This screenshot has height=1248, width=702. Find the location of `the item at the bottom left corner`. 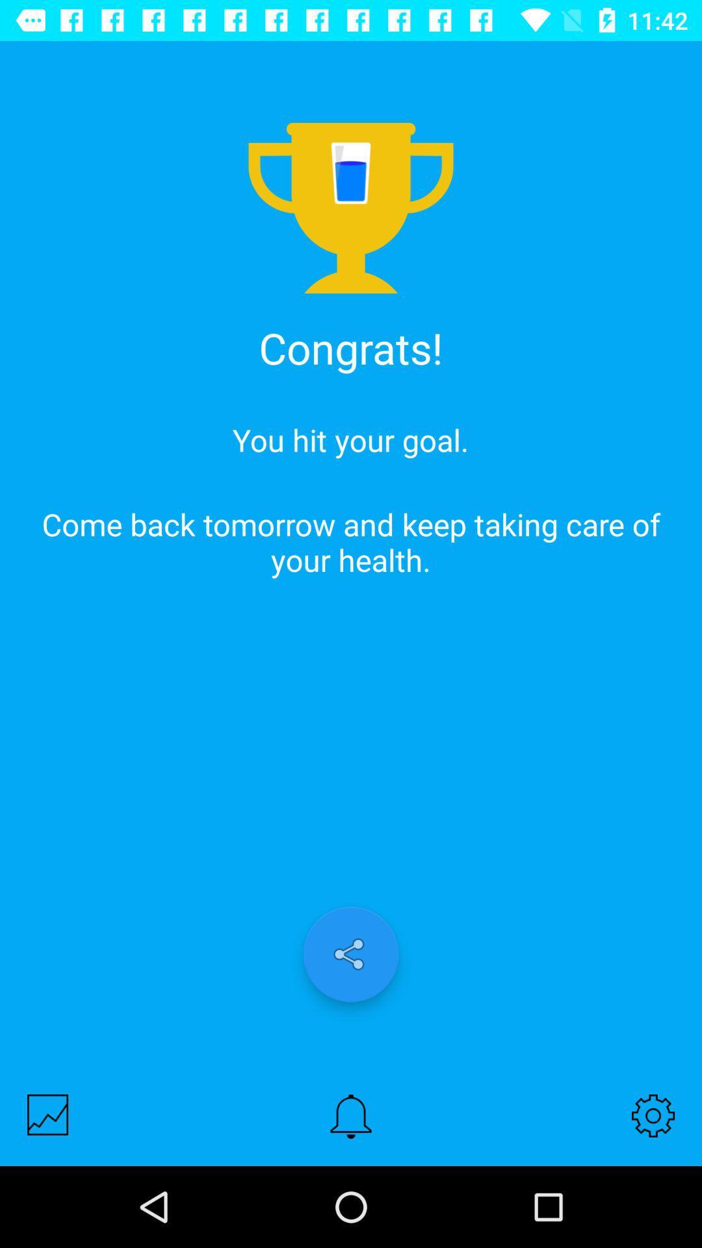

the item at the bottom left corner is located at coordinates (47, 1114).